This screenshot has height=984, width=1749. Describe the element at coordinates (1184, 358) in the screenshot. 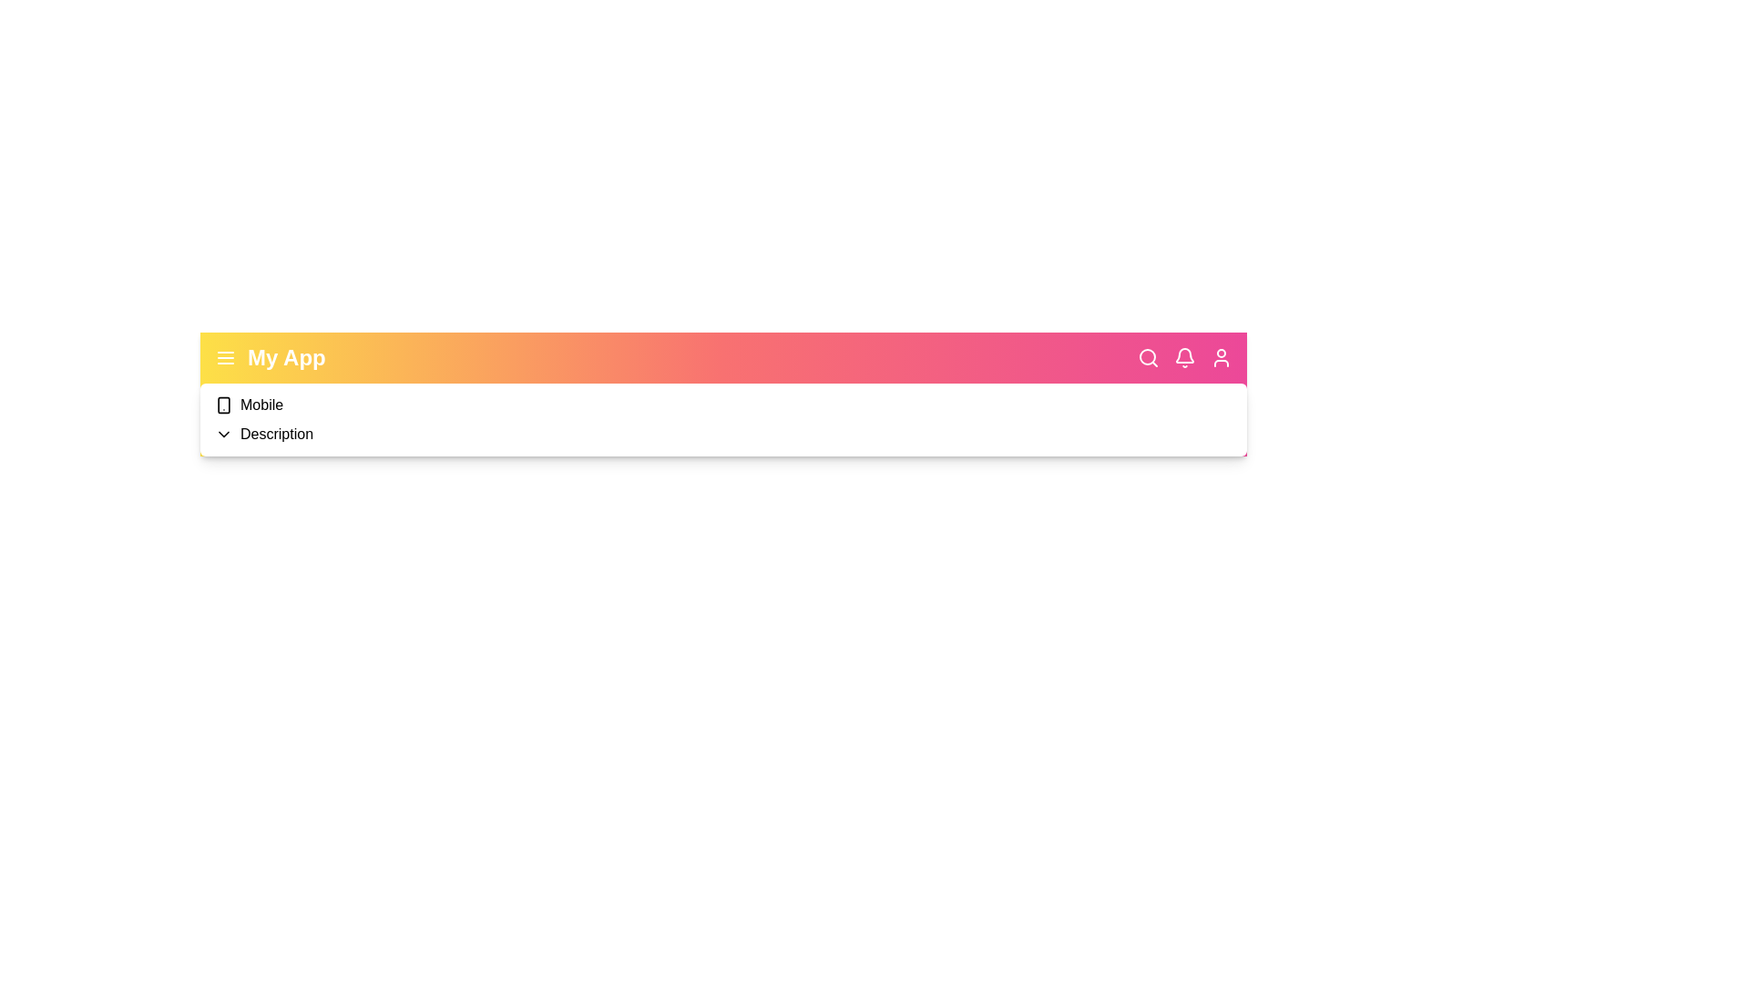

I see `the bell icon to trigger its associated action` at that location.